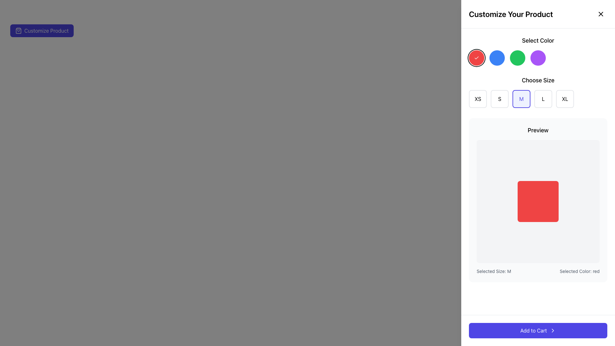 The height and width of the screenshot is (346, 615). What do you see at coordinates (538, 201) in the screenshot?
I see `the red square with rounded corners located in the 'Preview' section on the right-hand side of the interface` at bounding box center [538, 201].